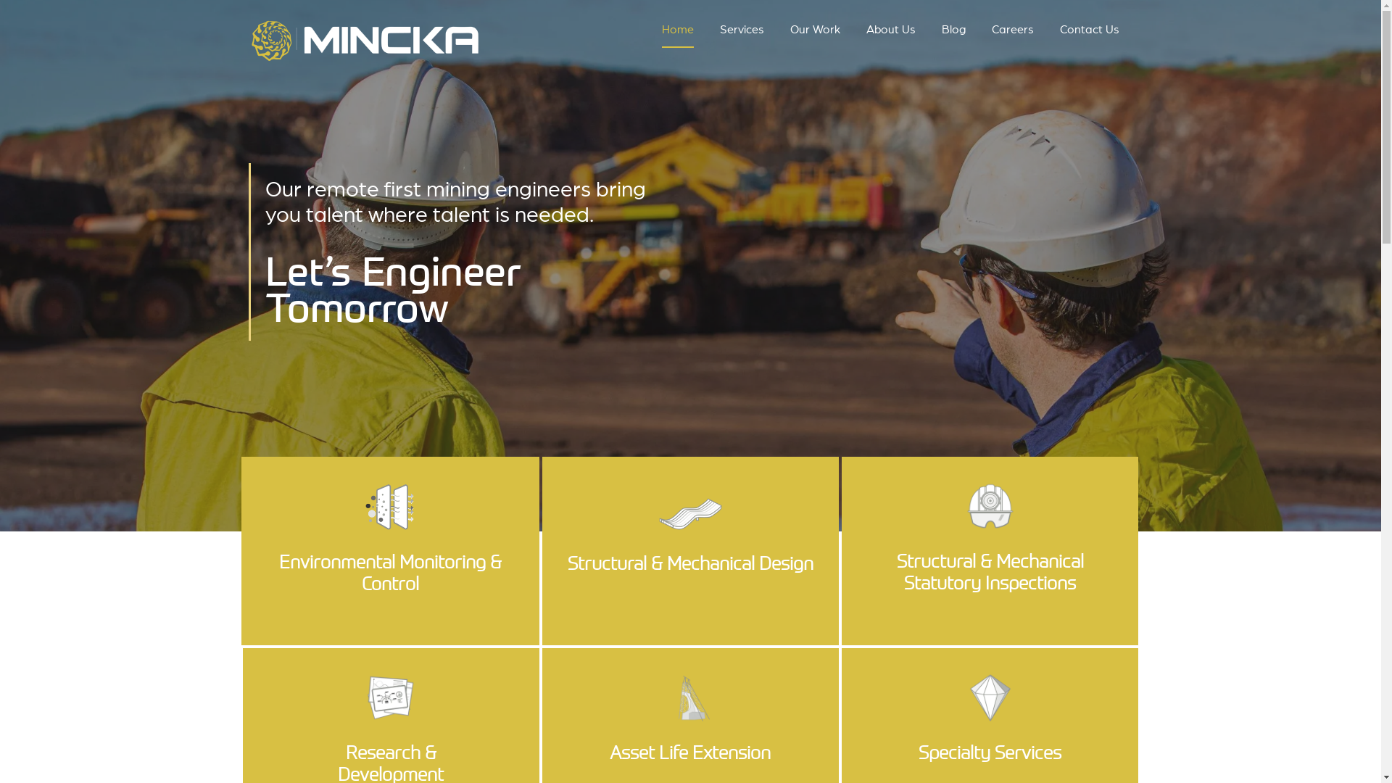  Describe the element at coordinates (677, 33) in the screenshot. I see `'Home'` at that location.